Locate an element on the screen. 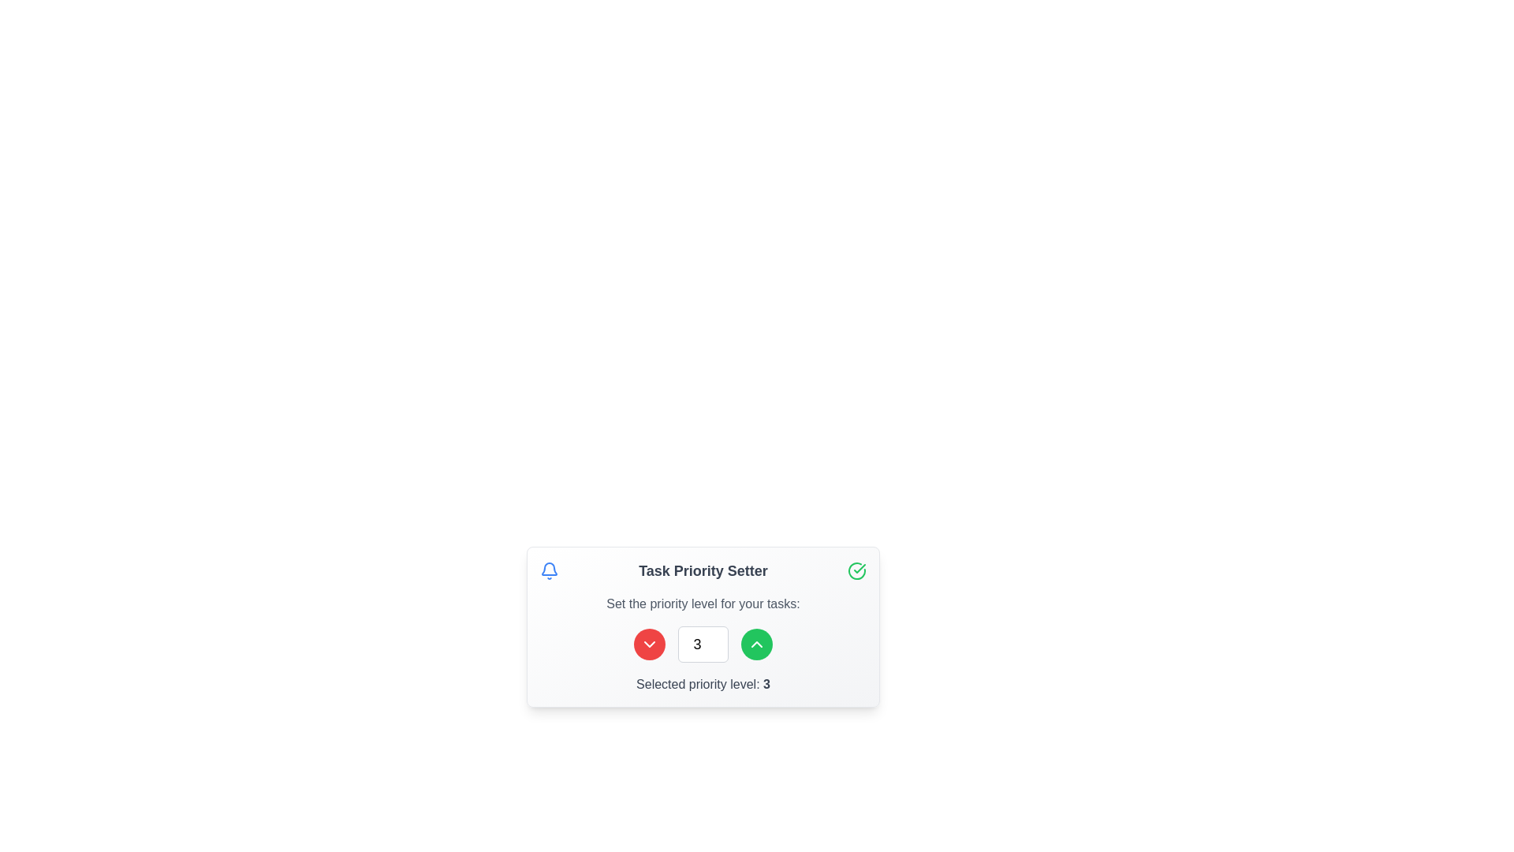 Image resolution: width=1514 pixels, height=852 pixels. text content of the number '3' which is styled in bold font and indicates the current priority level in the task management interface, found in the label 'Selected priority level: 3' is located at coordinates (766, 683).